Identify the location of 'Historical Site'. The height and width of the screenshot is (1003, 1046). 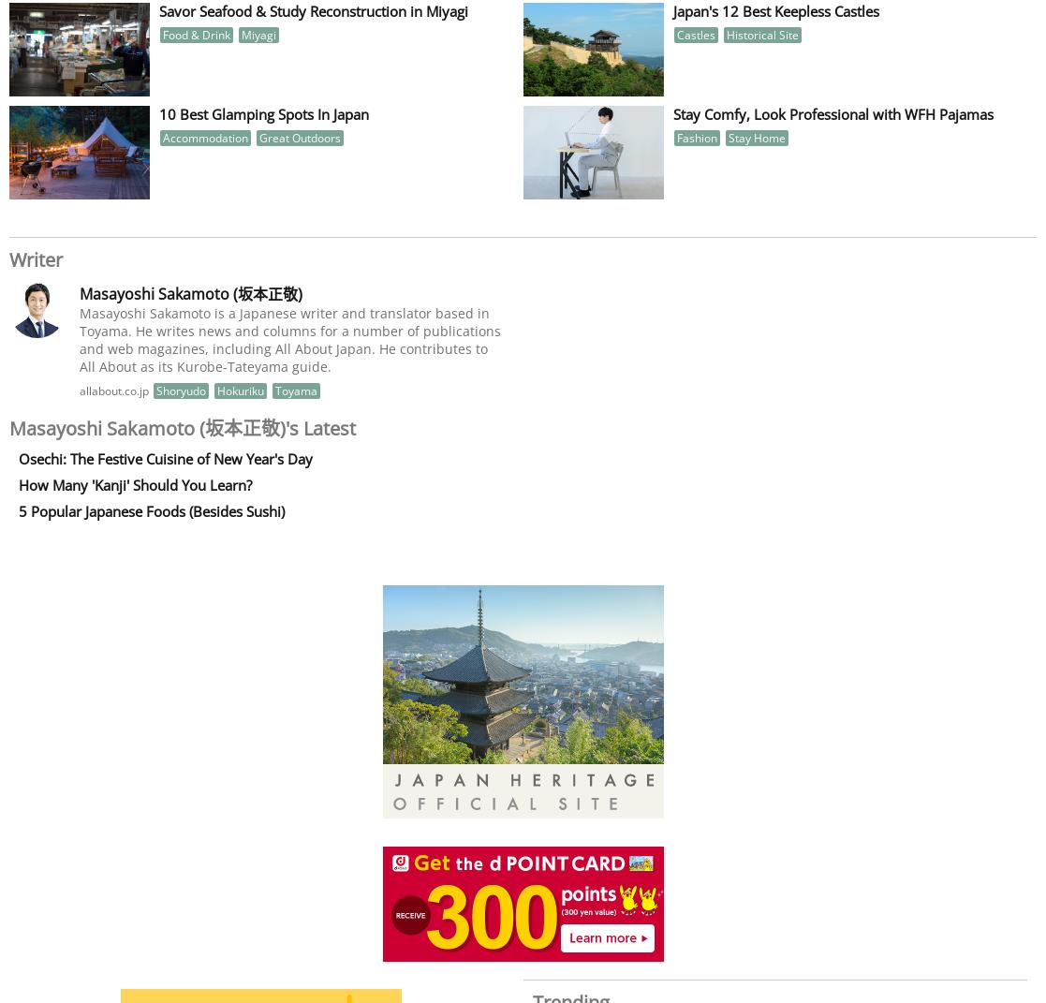
(761, 33).